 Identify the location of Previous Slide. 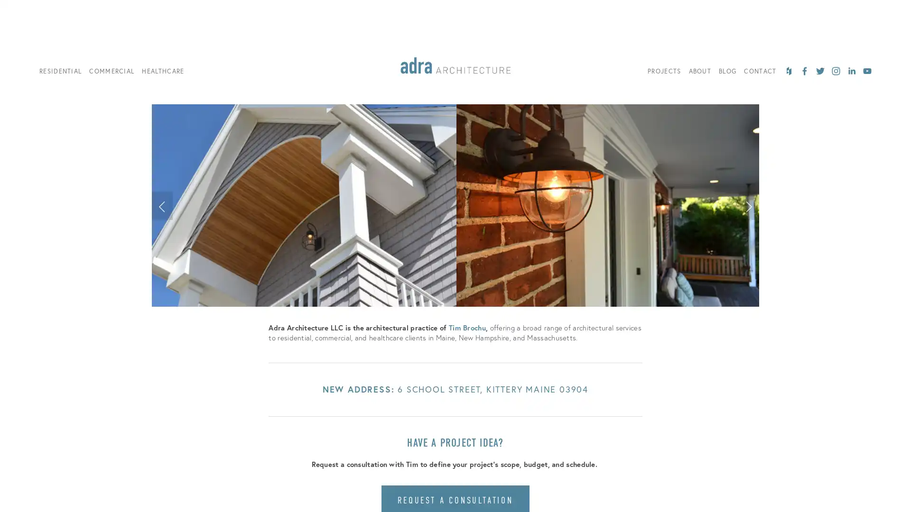
(162, 204).